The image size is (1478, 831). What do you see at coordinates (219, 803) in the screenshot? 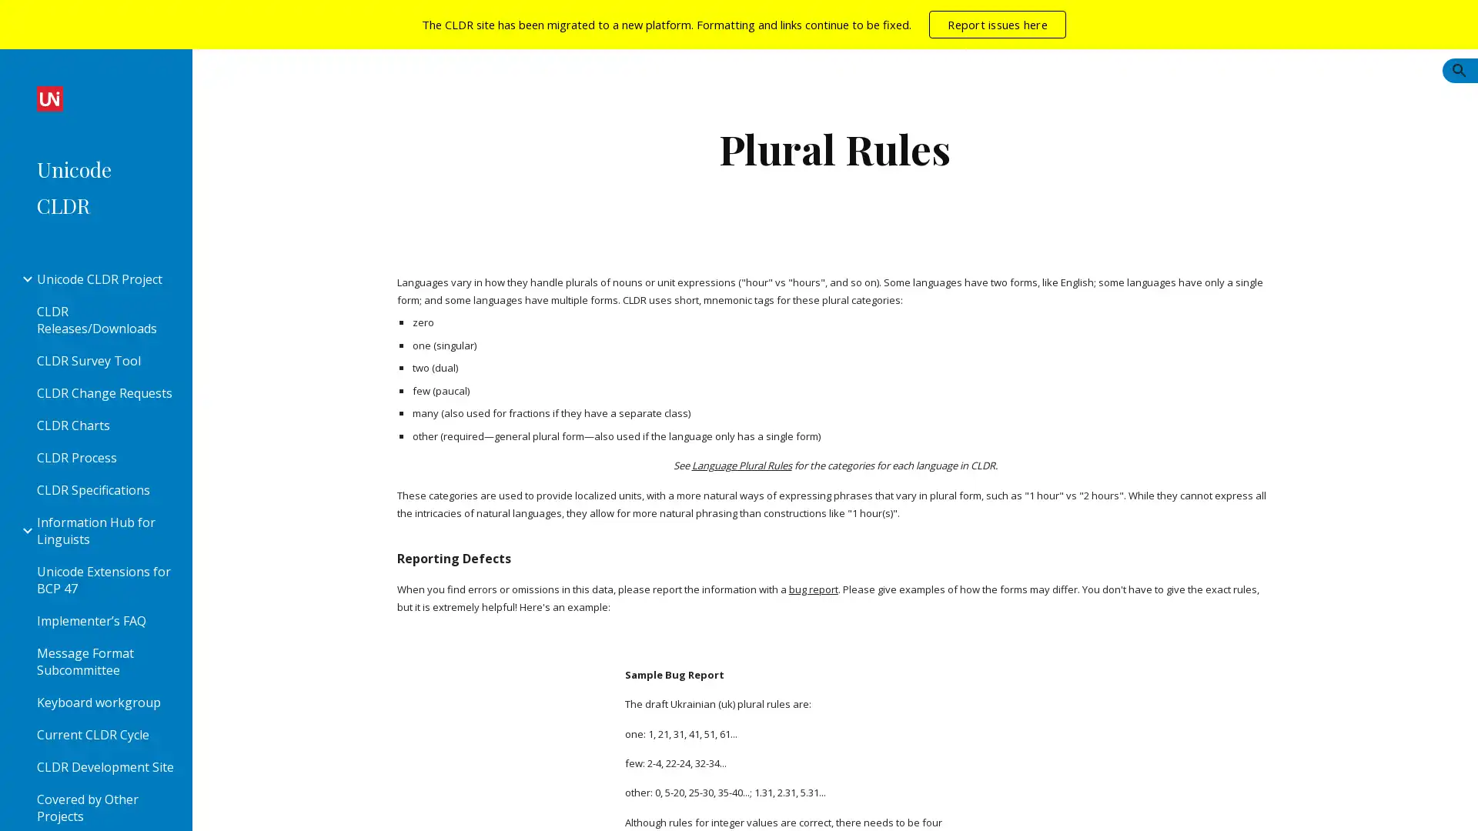
I see `Site actions` at bounding box center [219, 803].